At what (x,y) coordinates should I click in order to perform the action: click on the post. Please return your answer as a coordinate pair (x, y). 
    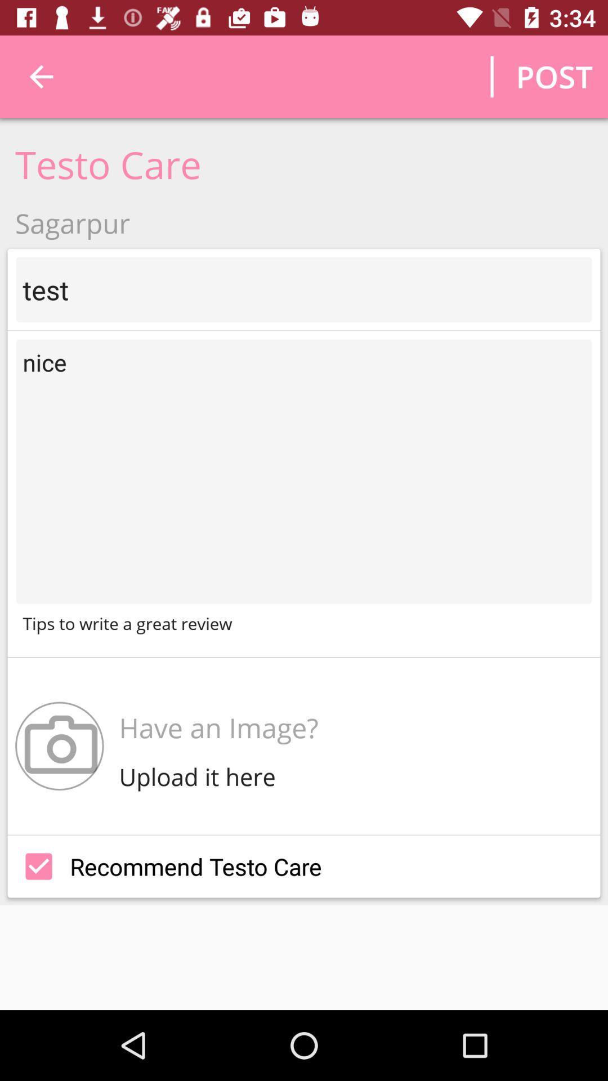
    Looking at the image, I should click on (553, 76).